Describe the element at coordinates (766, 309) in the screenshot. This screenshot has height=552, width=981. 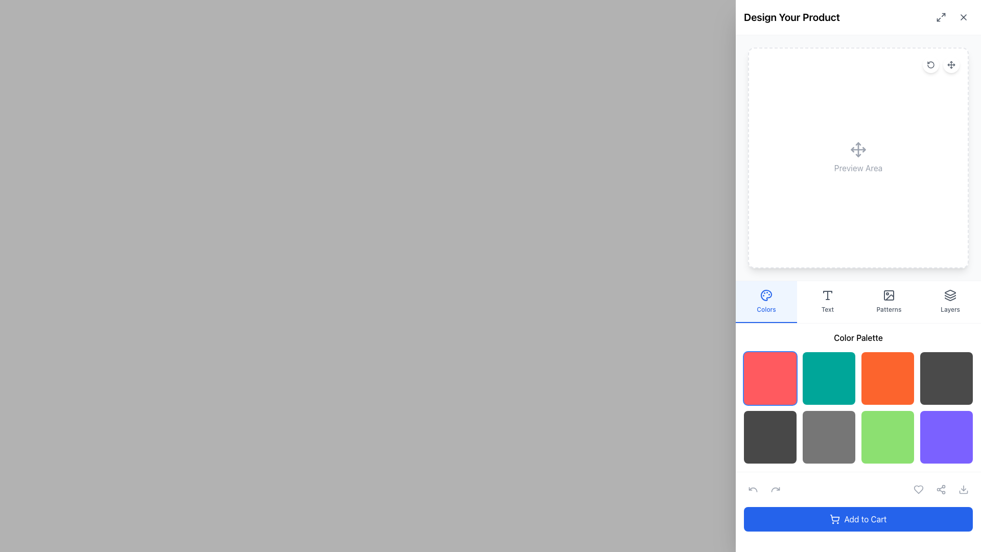
I see `the text label displaying 'Colors' which is styled in a small medium-weight font and vibrant blue color, located in a light blue background, positioned below the color palette icon` at that location.